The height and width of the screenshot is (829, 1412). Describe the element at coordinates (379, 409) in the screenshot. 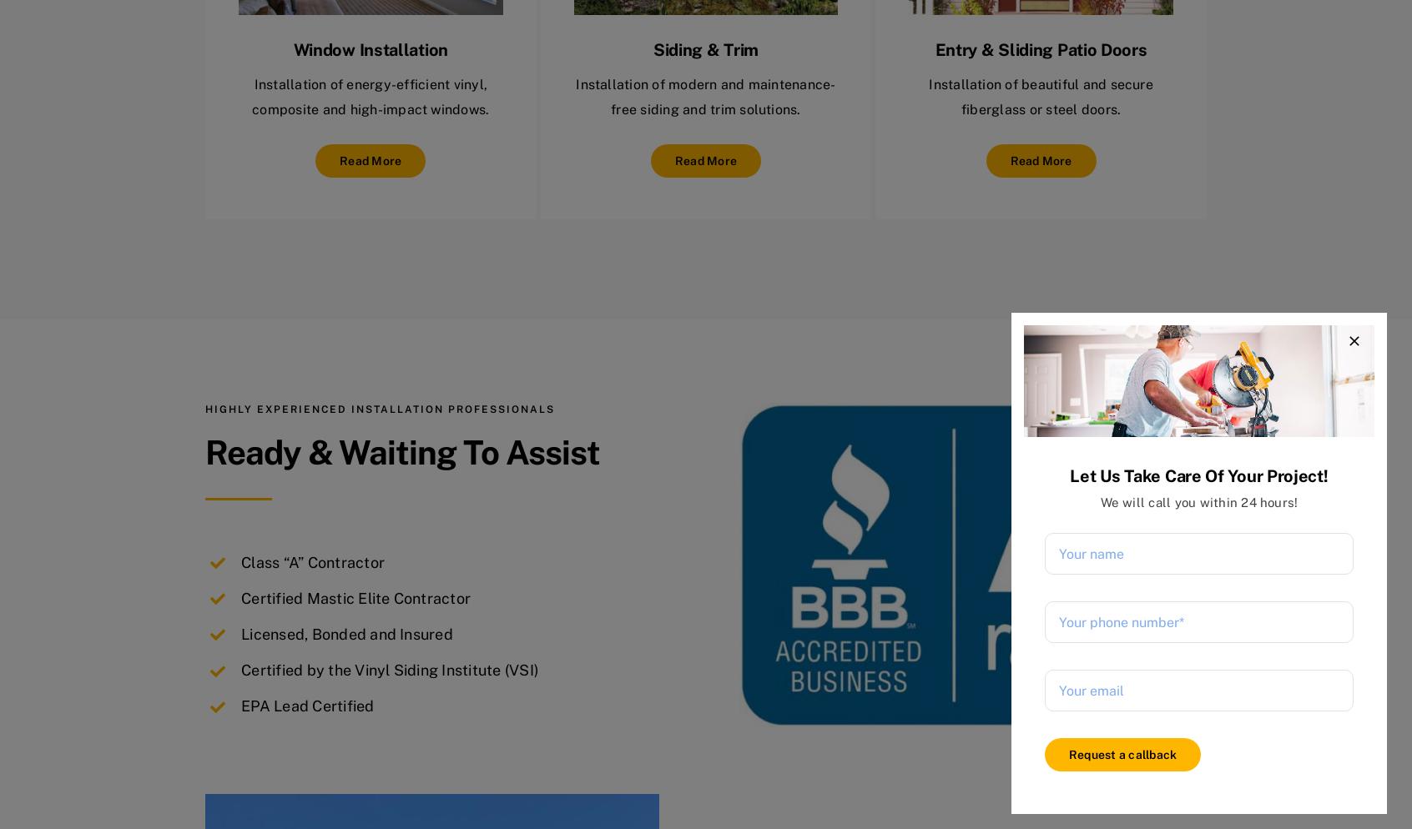

I see `'Highly experienced installation professionals'` at that location.